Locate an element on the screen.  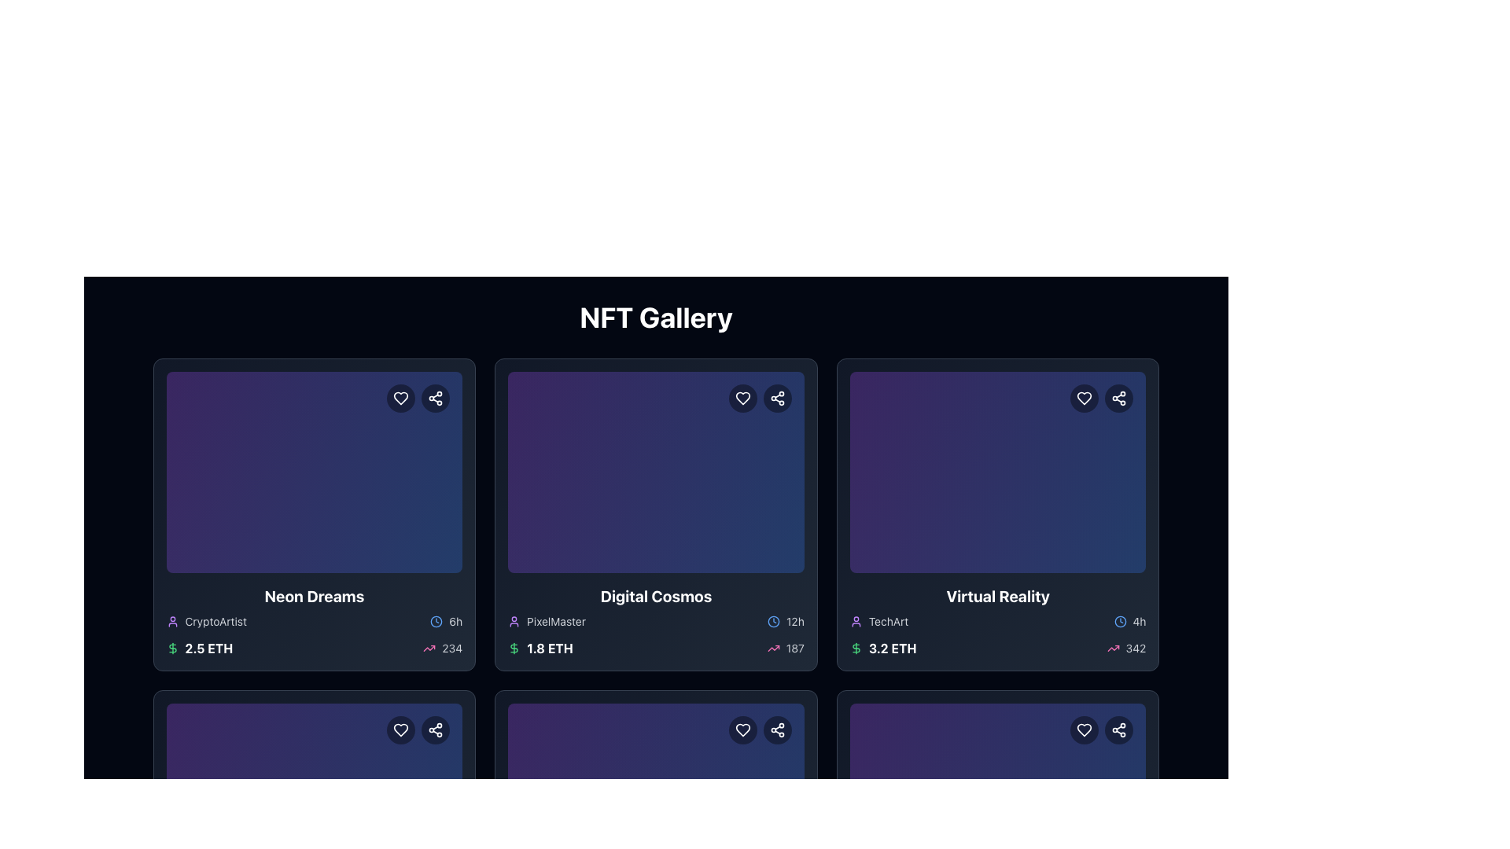
the 'like' button located in the top-right corner of the 'Virtual Reality' card, which is the first button in a pair of buttons is located at coordinates (1084, 397).